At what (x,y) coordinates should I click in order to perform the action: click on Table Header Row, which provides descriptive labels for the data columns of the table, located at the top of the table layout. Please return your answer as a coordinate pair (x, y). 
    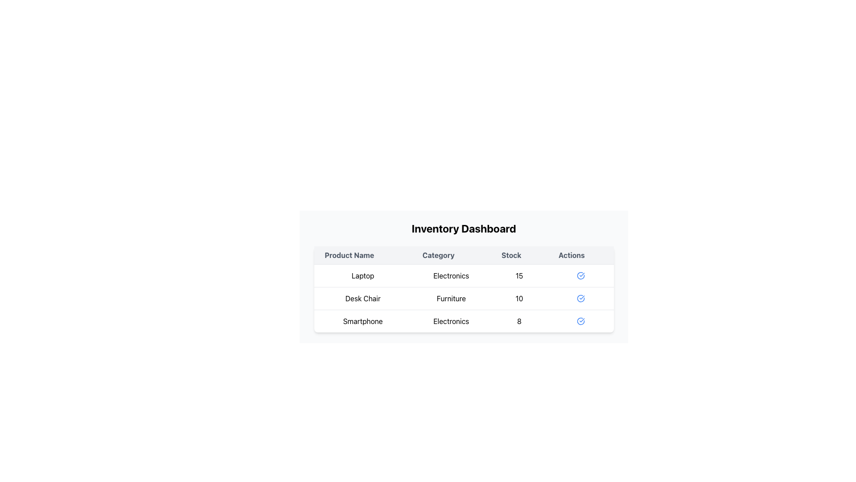
    Looking at the image, I should click on (464, 255).